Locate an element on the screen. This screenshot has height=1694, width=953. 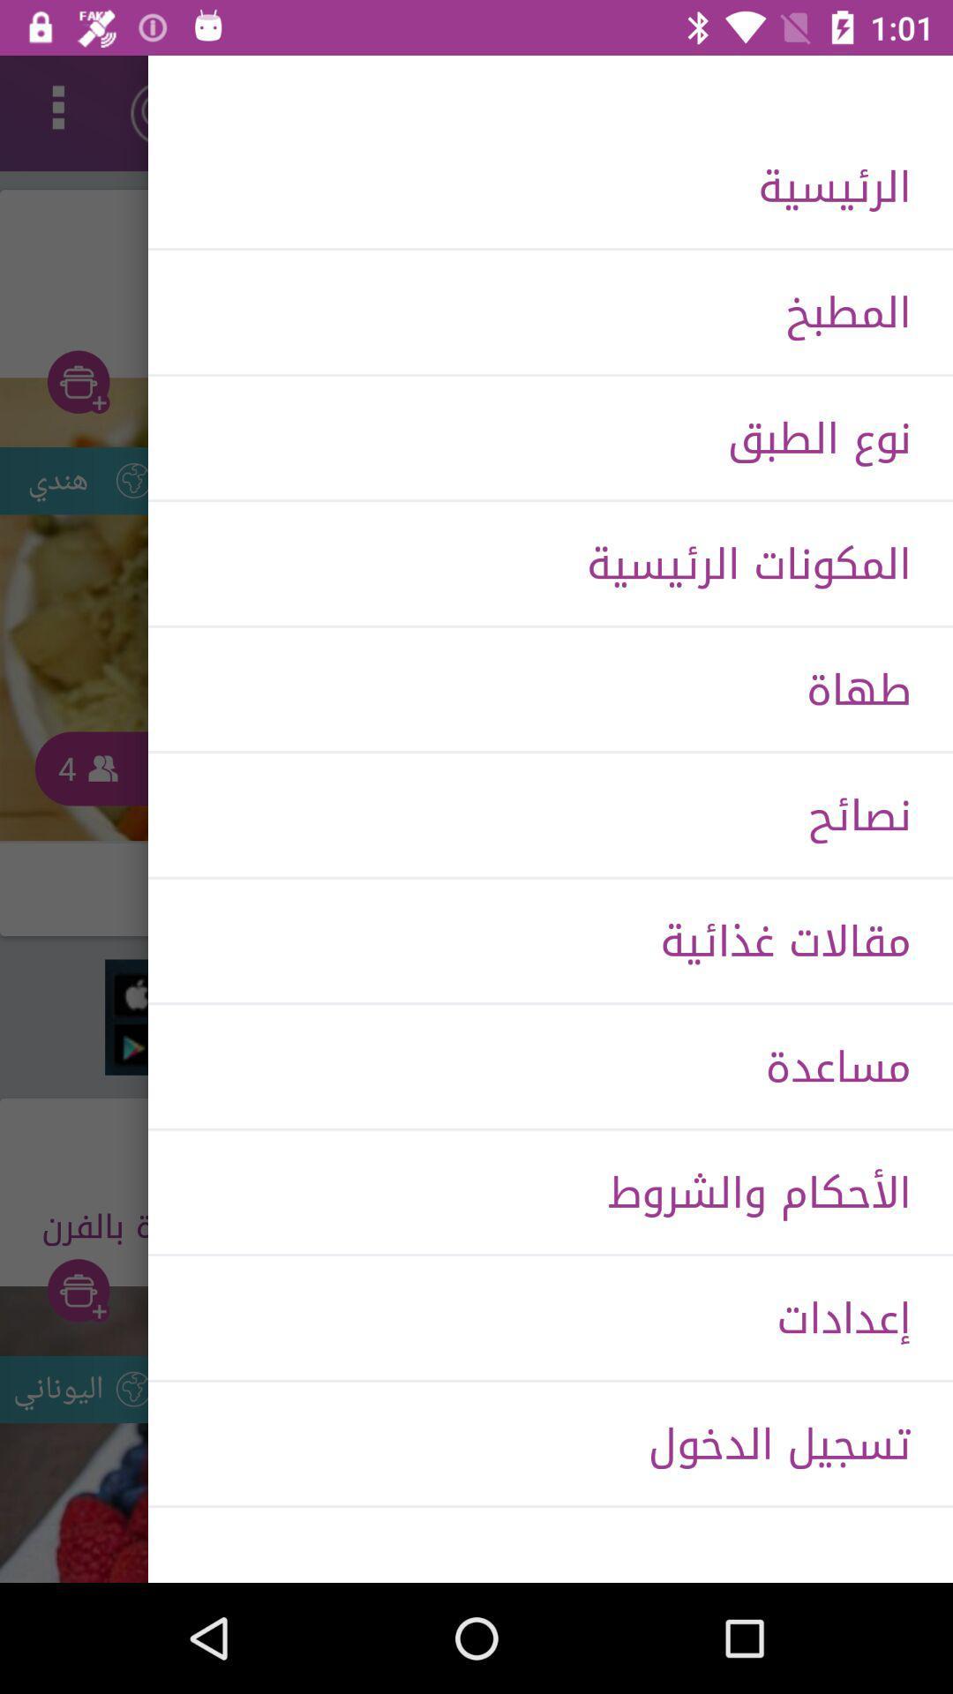
the national_flag icon is located at coordinates (162, 112).